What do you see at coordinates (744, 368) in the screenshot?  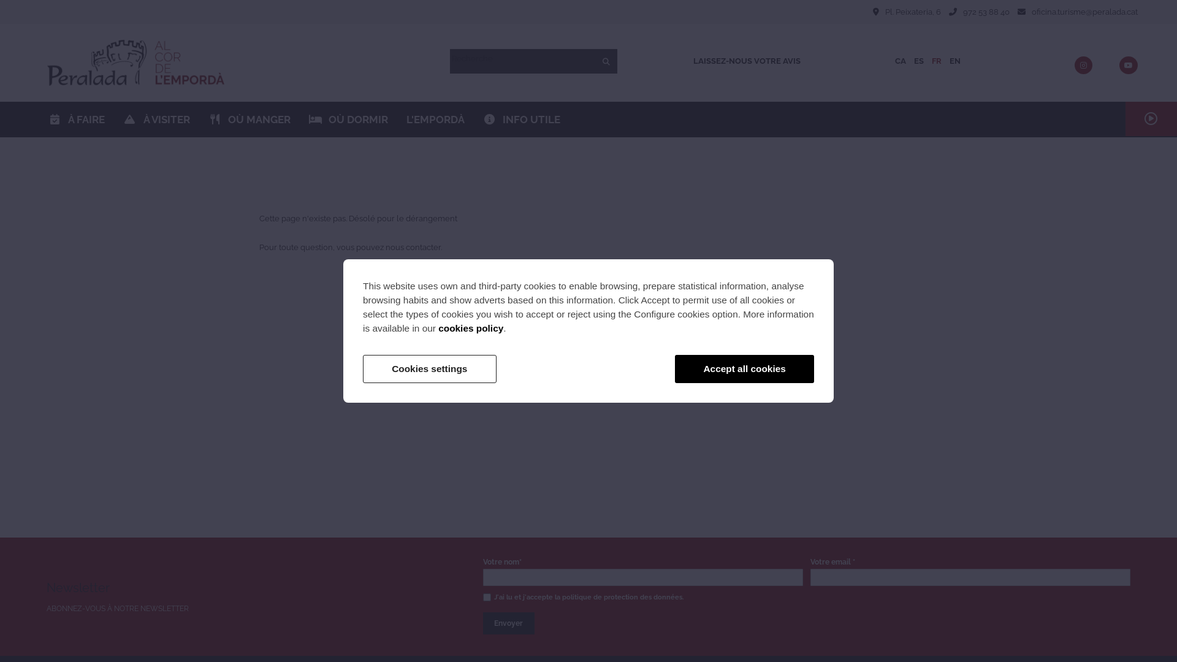 I see `'Accept all cookies'` at bounding box center [744, 368].